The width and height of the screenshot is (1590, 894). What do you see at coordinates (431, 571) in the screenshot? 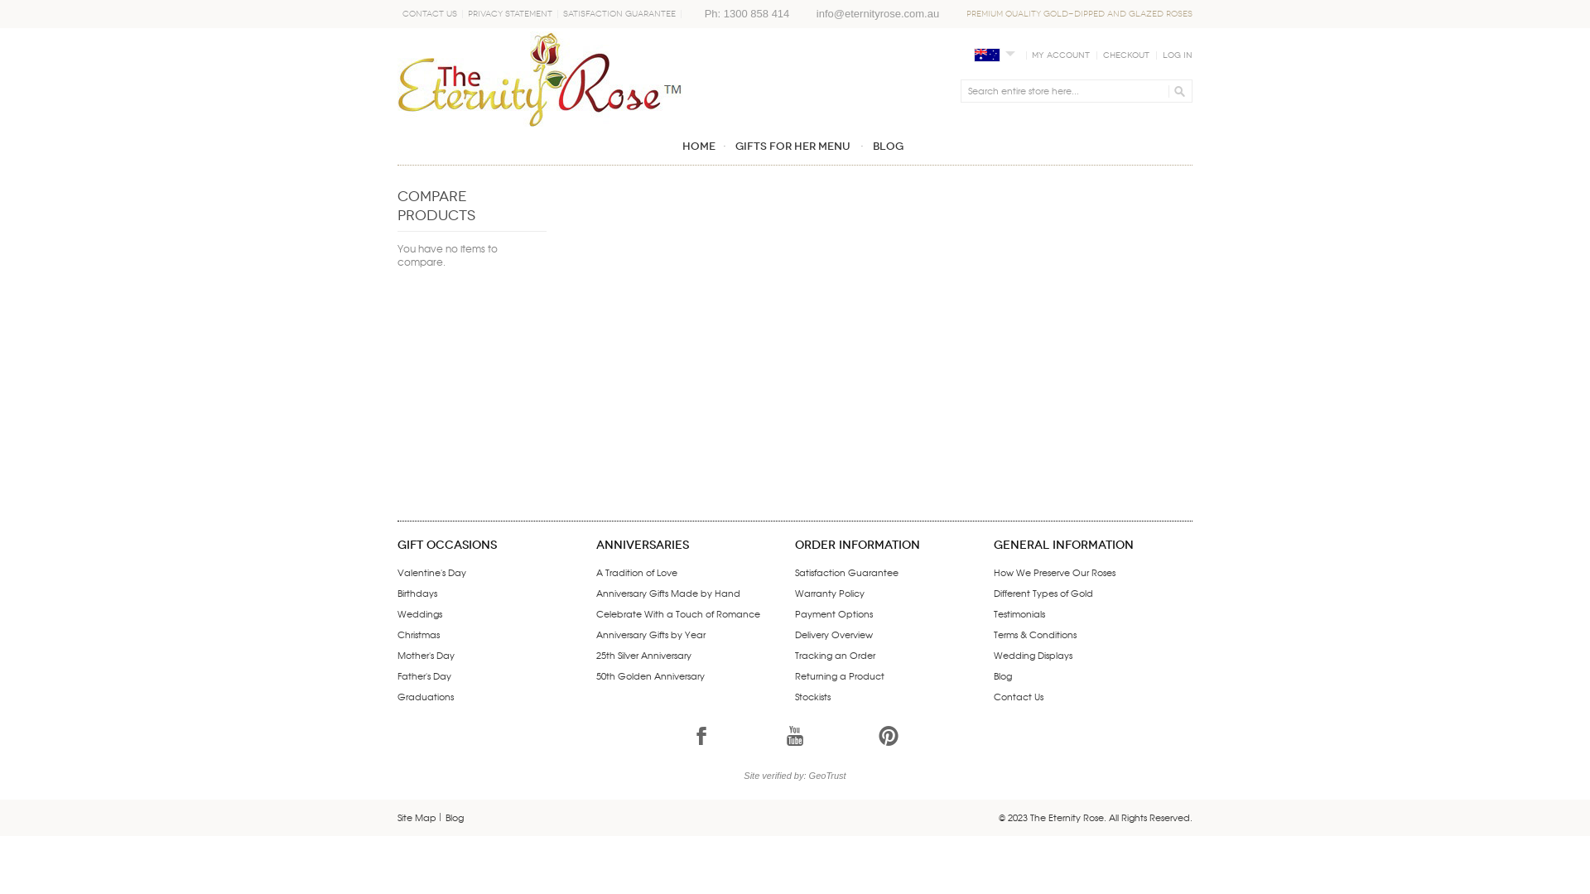
I see `'Valentine's Day'` at bounding box center [431, 571].